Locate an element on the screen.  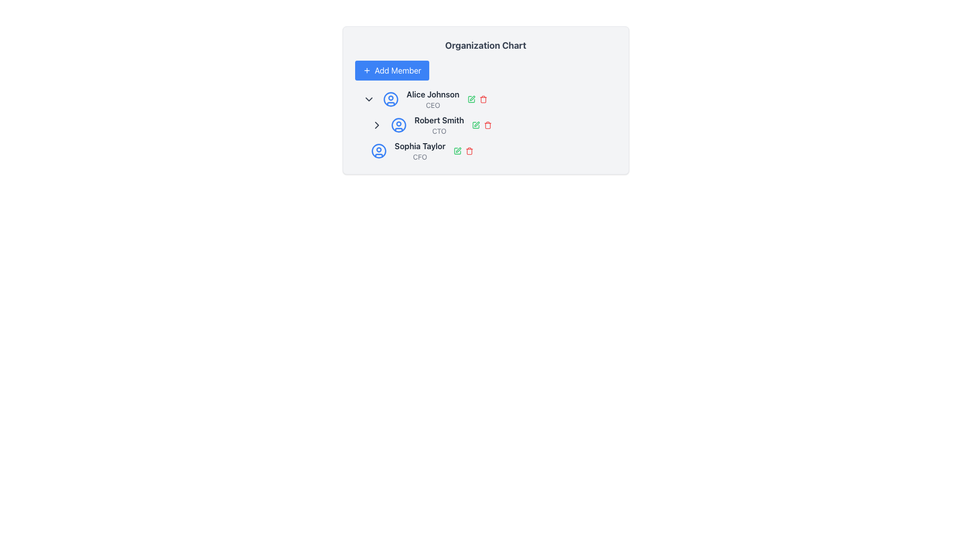
the user icon with blue accents located in the second row of the organization chart, adjacent is located at coordinates (398, 124).